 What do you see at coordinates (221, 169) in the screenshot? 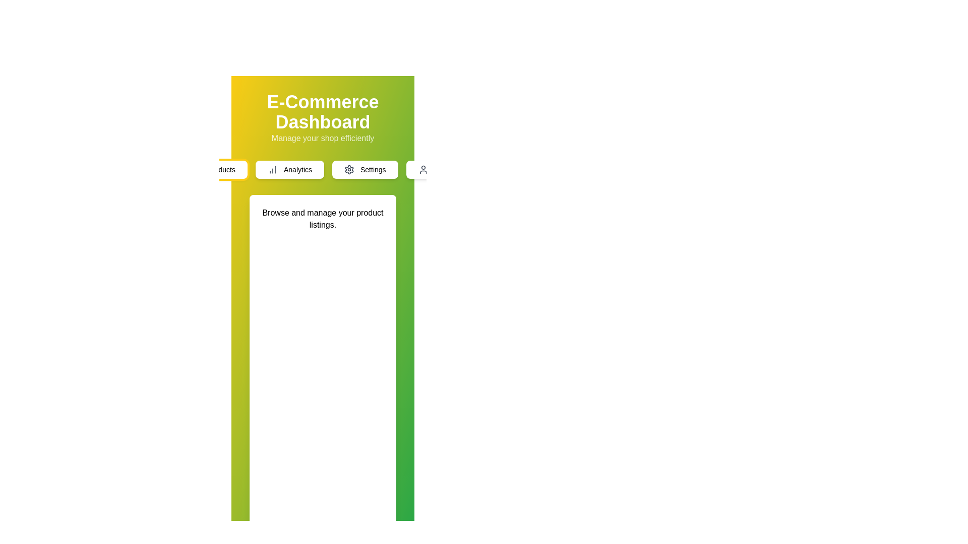
I see `text from the label displaying 'Products', which is located in the leftmost button of a horizontal button group at the top of the application` at bounding box center [221, 169].